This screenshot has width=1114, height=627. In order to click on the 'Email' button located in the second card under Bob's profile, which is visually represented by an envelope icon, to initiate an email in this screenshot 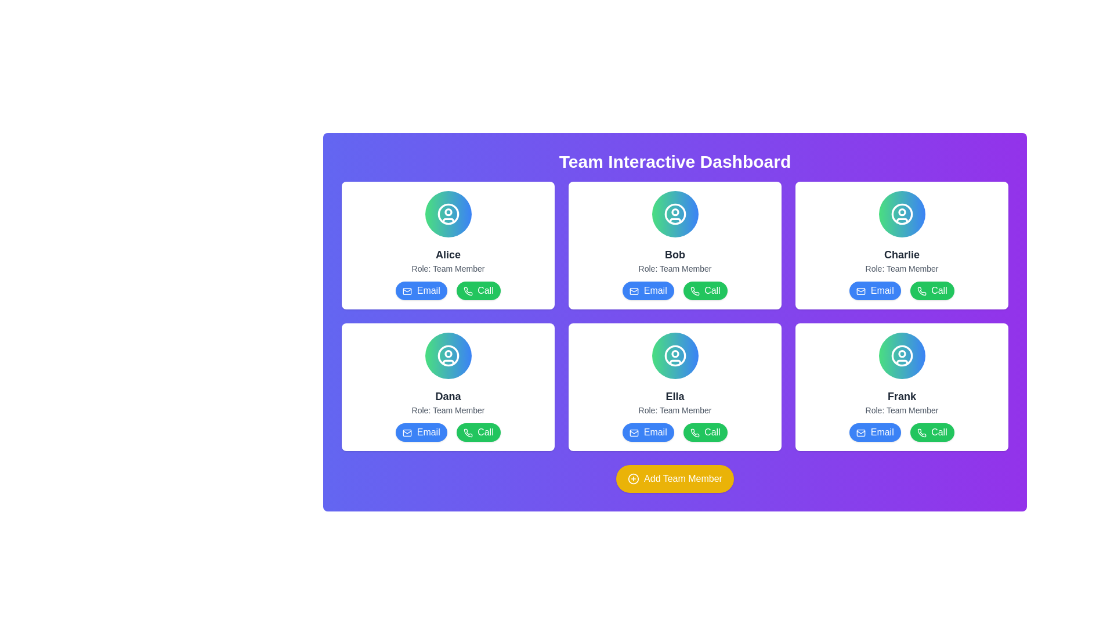, I will do `click(634, 290)`.